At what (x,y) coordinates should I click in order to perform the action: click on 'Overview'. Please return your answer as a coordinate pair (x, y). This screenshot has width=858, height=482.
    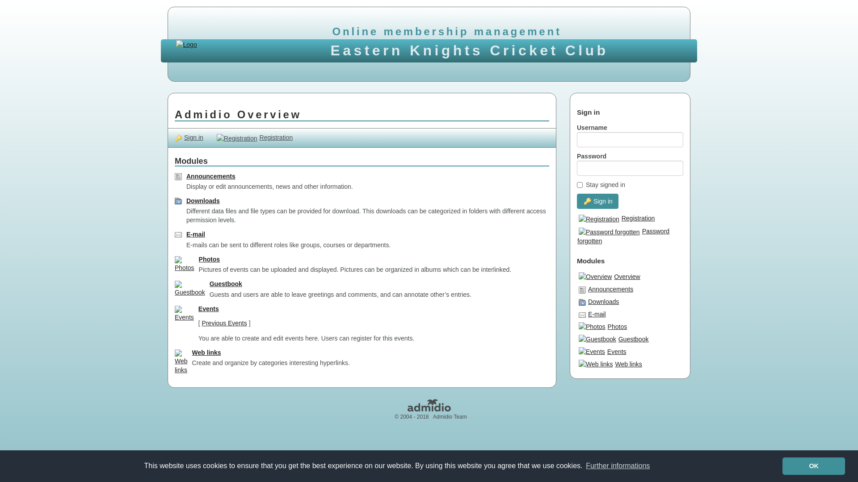
    Looking at the image, I should click on (611, 278).